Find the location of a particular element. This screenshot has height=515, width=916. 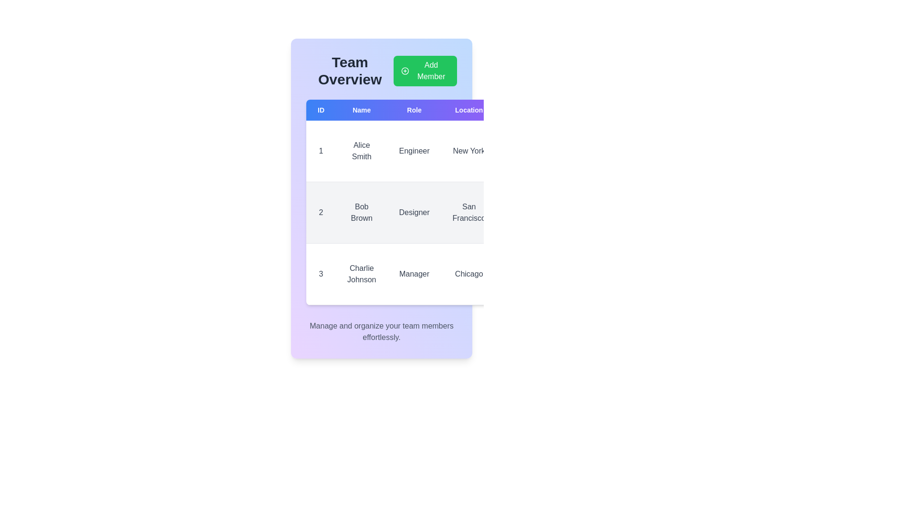

the circular outline element of the '+' symbol within the 'Add Member' button, which has a green circular background is located at coordinates (405, 71).